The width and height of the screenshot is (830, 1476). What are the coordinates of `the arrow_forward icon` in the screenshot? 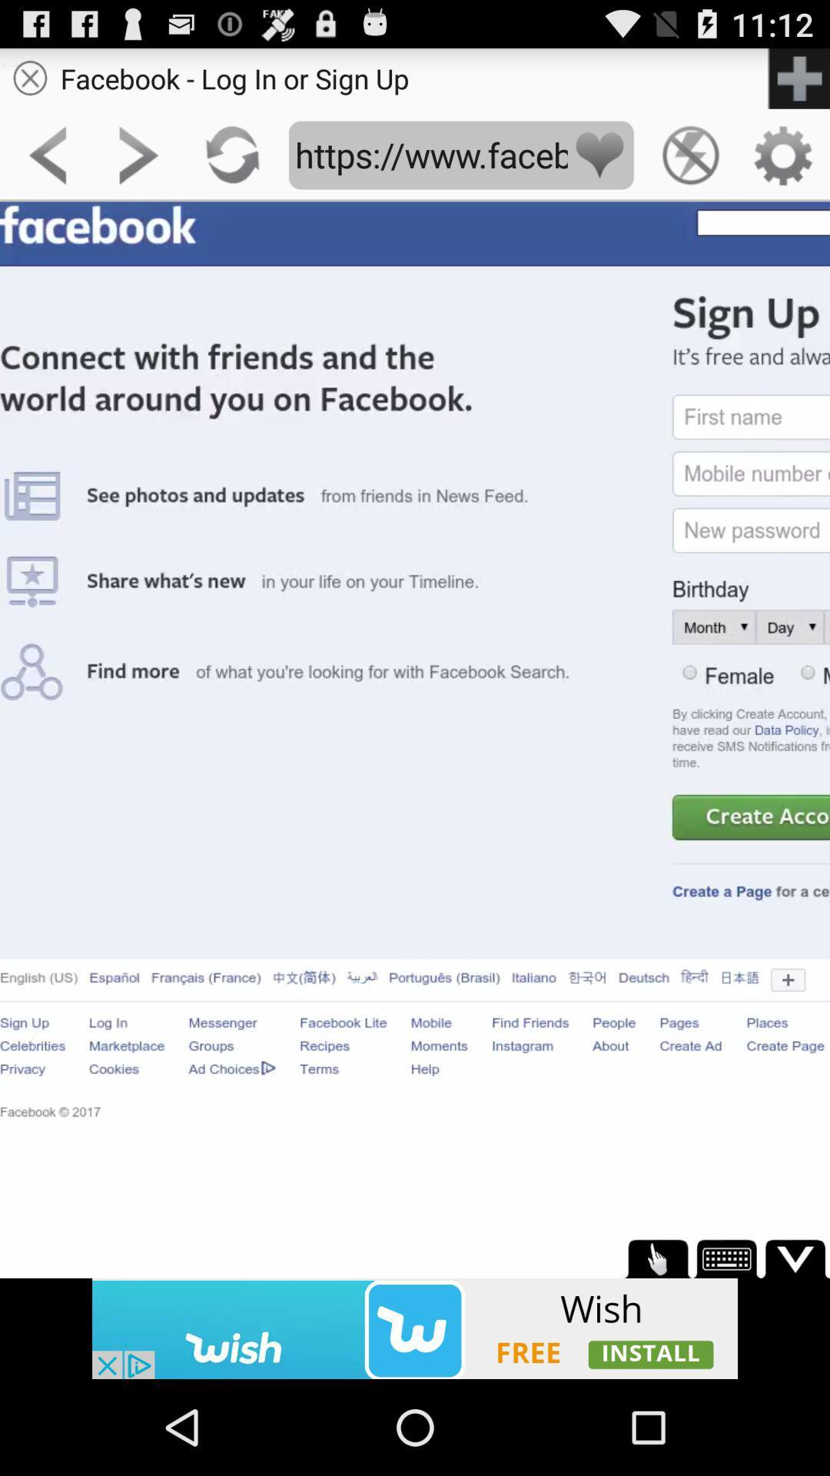 It's located at (139, 166).